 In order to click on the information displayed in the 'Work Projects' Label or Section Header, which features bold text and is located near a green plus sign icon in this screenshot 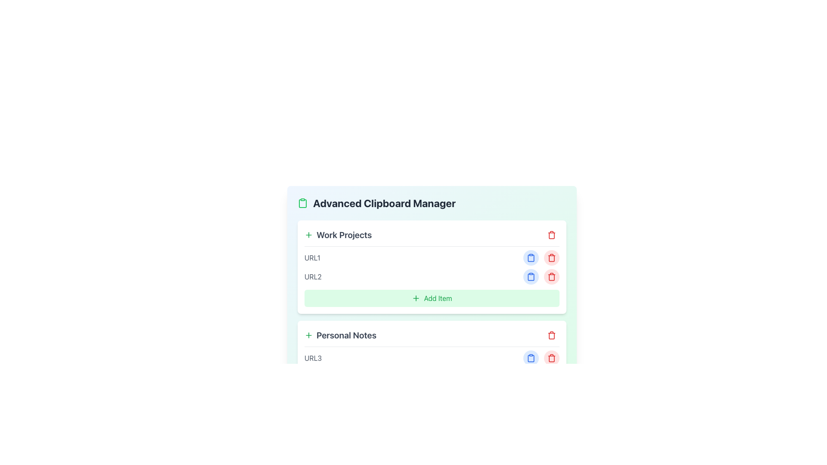, I will do `click(338, 235)`.